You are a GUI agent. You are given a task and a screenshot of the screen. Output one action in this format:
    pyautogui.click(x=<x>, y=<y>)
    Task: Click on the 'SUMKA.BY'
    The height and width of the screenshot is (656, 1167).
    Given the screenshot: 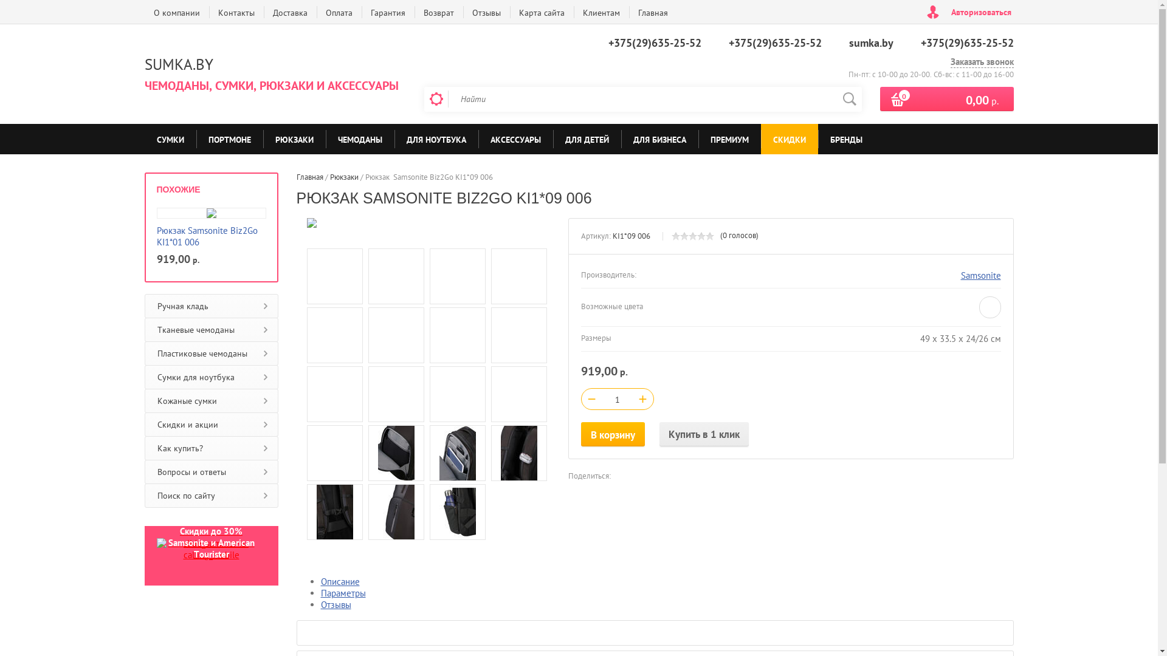 What is the action you would take?
    pyautogui.click(x=178, y=64)
    